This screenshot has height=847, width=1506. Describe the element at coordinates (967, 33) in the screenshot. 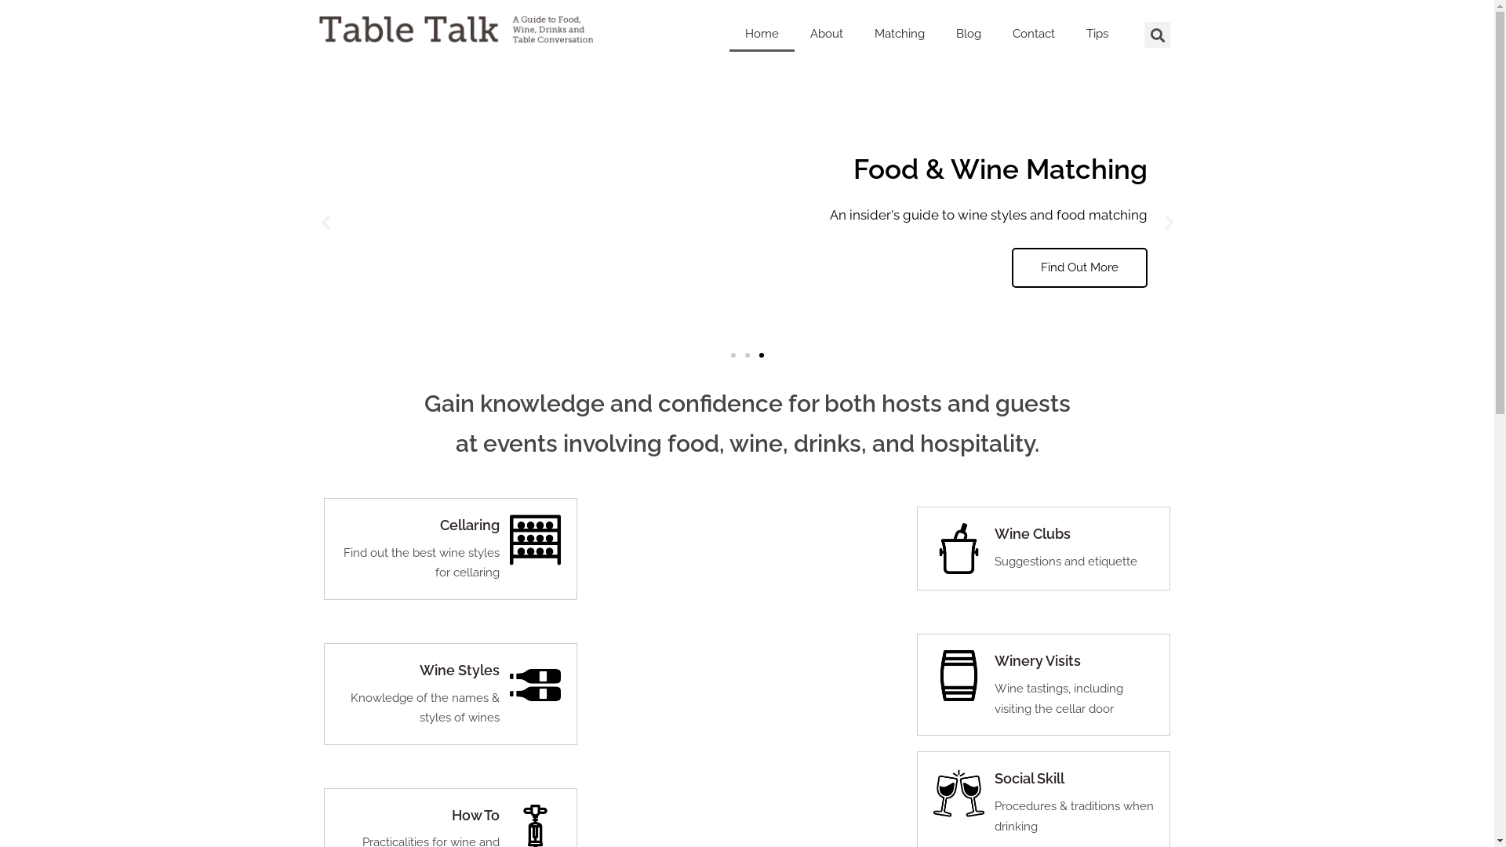

I see `'Blog'` at that location.